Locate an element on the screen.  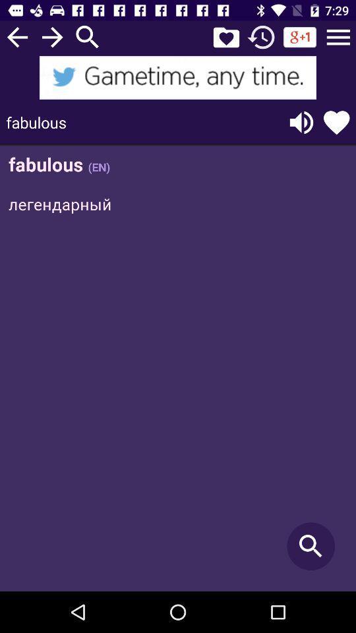
like that word is located at coordinates (336, 122).